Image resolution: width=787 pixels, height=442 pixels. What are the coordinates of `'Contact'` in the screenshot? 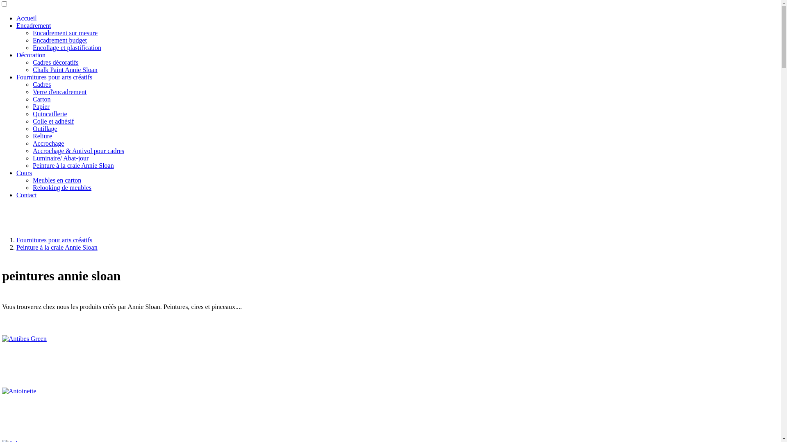 It's located at (27, 195).